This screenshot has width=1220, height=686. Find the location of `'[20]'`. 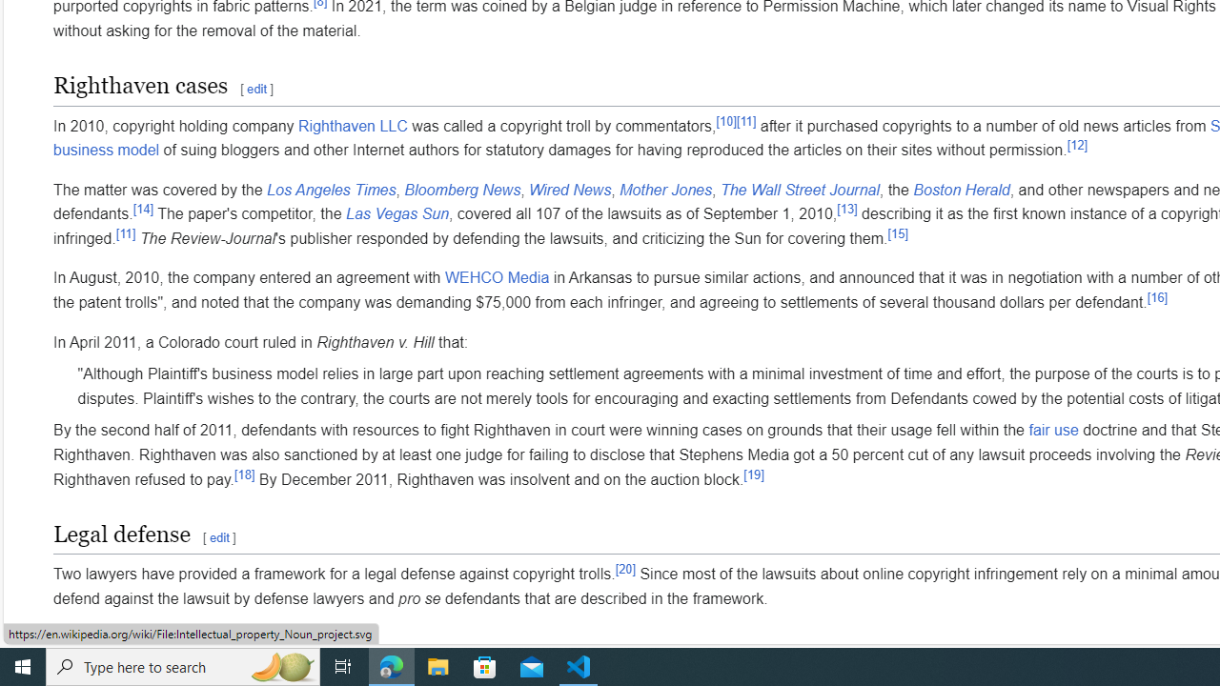

'[20]' is located at coordinates (625, 567).